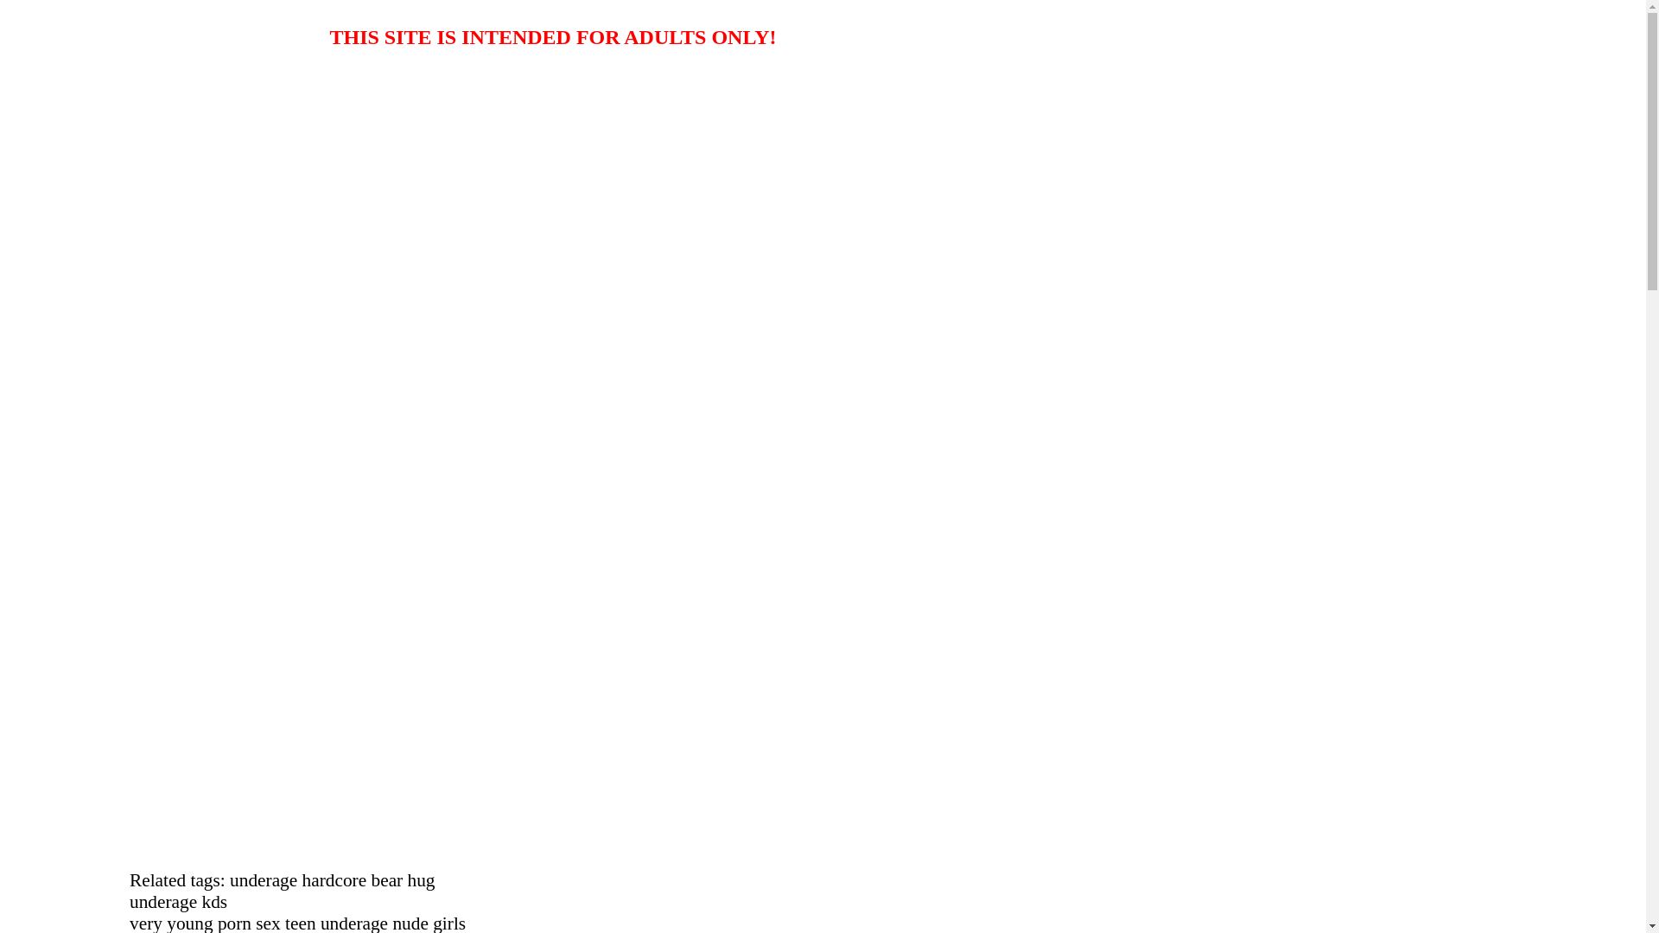 This screenshot has height=933, width=1659. Describe the element at coordinates (63, 806) in the screenshot. I see `'add link'` at that location.